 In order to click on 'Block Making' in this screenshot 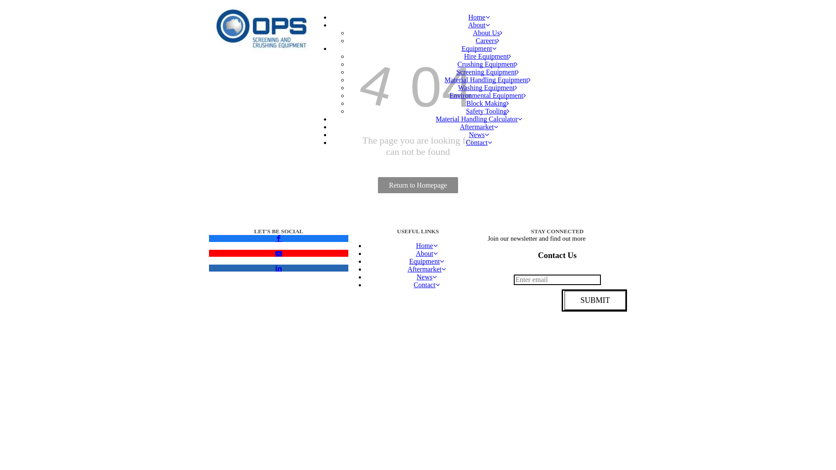, I will do `click(487, 103)`.